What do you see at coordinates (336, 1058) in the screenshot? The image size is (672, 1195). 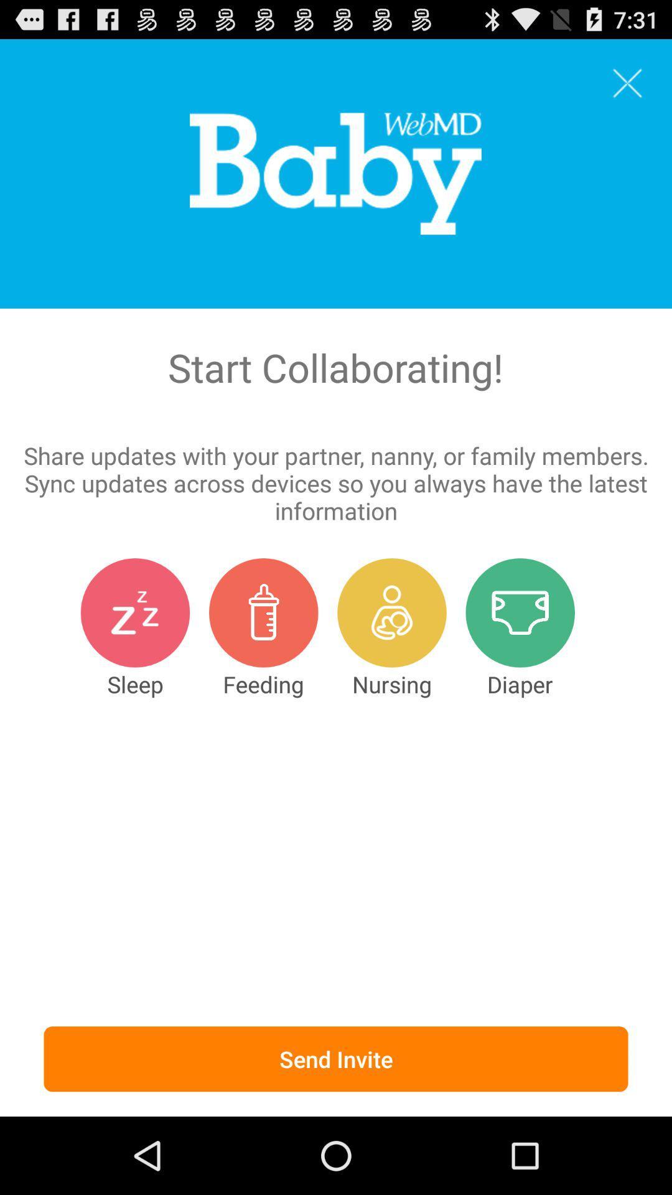 I see `send invite at the bottom` at bounding box center [336, 1058].